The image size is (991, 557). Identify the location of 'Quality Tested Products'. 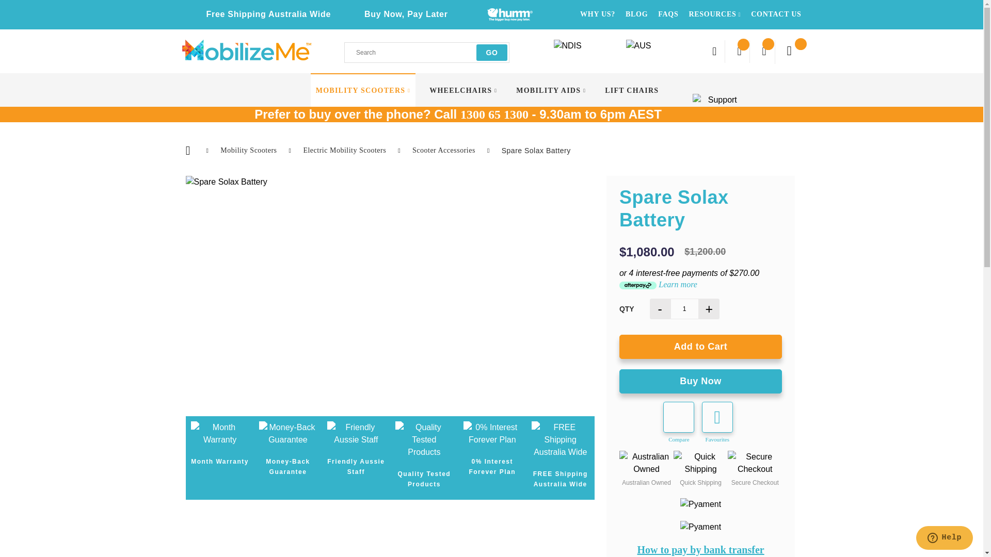
(395, 439).